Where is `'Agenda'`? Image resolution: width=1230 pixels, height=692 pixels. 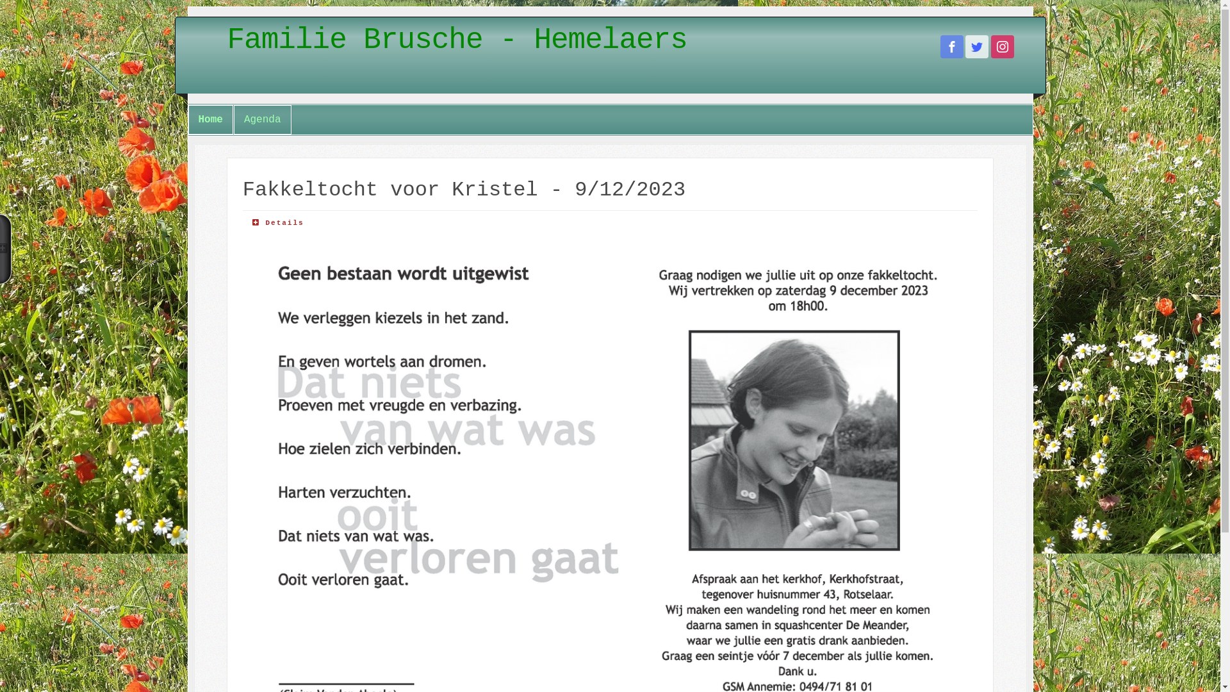
'Agenda' is located at coordinates (261, 119).